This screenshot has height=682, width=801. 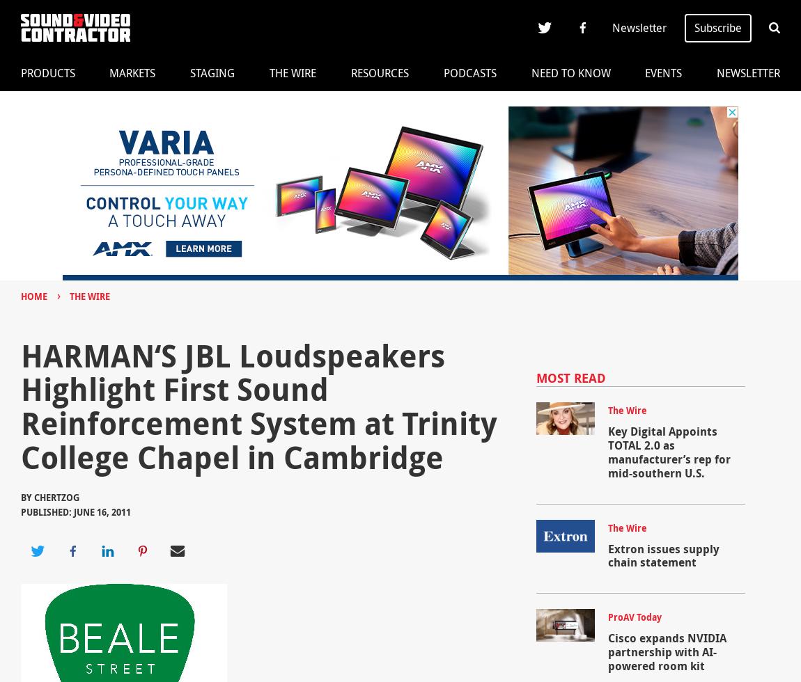 What do you see at coordinates (26, 497) in the screenshot?
I see `'By'` at bounding box center [26, 497].